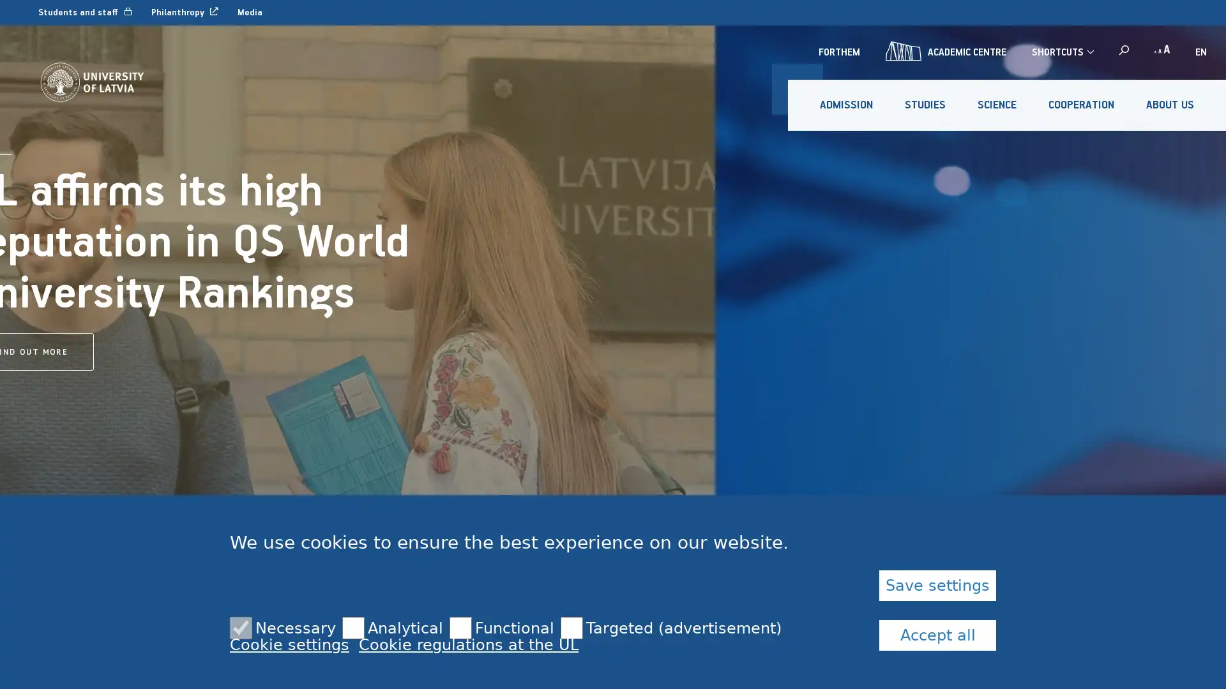 This screenshot has width=1226, height=689. Describe the element at coordinates (937, 635) in the screenshot. I see `Accept all` at that location.